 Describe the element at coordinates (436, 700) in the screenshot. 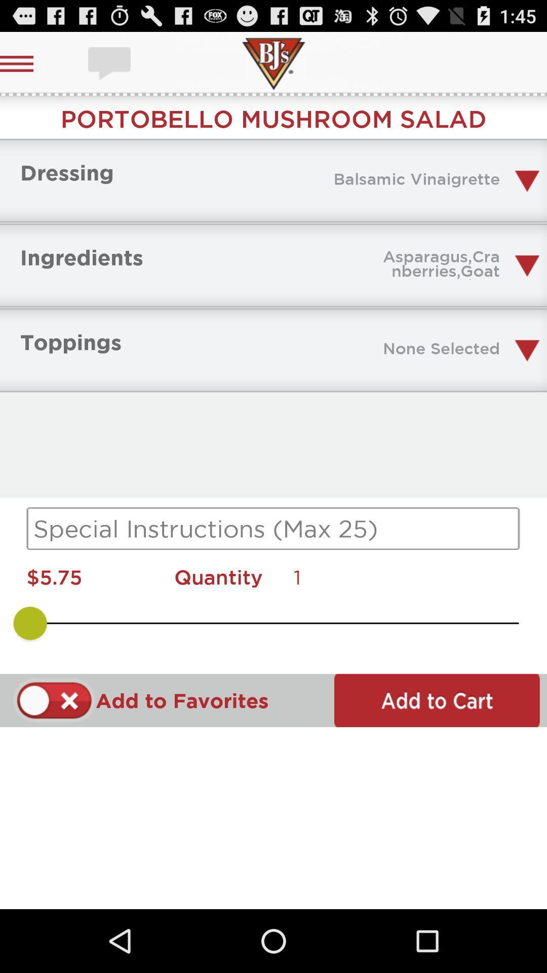

I see `item to cart` at that location.